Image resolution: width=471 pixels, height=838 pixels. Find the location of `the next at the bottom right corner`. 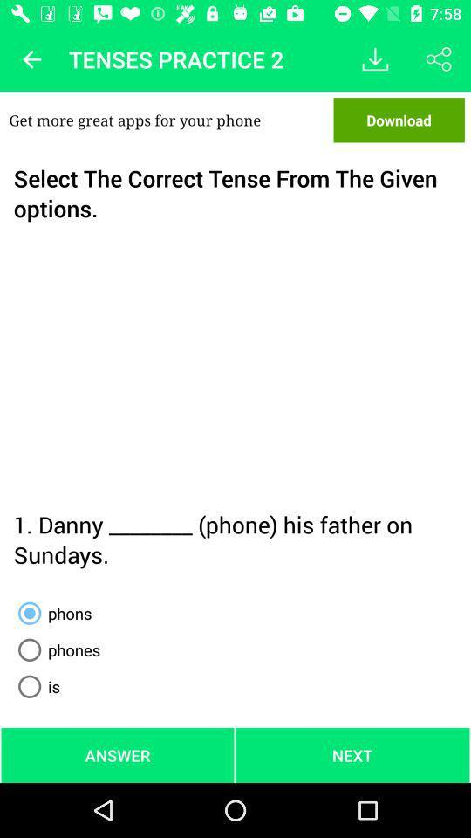

the next at the bottom right corner is located at coordinates (352, 754).